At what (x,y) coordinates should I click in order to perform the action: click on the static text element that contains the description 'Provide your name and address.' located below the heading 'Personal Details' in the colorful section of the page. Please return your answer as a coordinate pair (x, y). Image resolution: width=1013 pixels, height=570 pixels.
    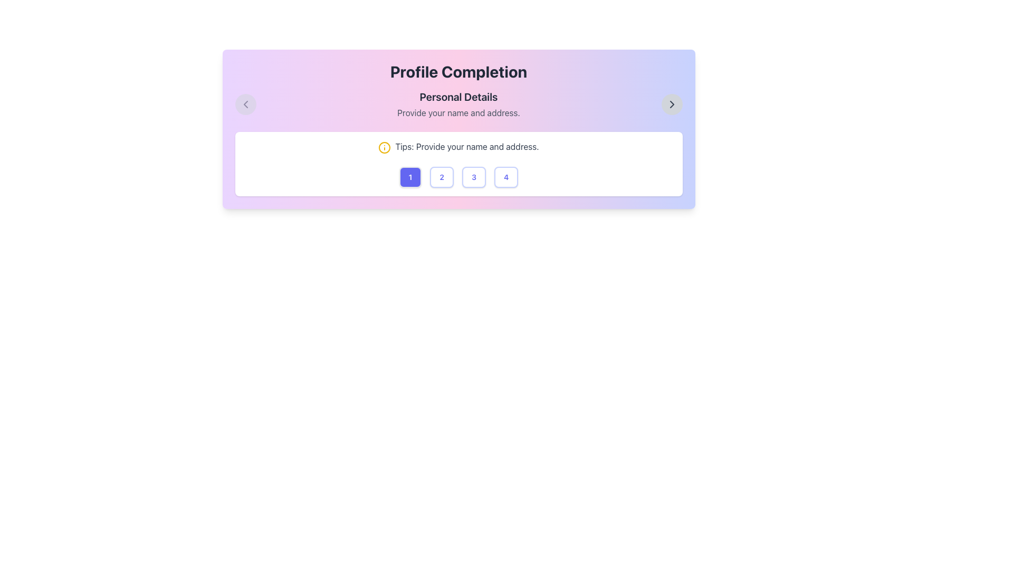
    Looking at the image, I should click on (458, 112).